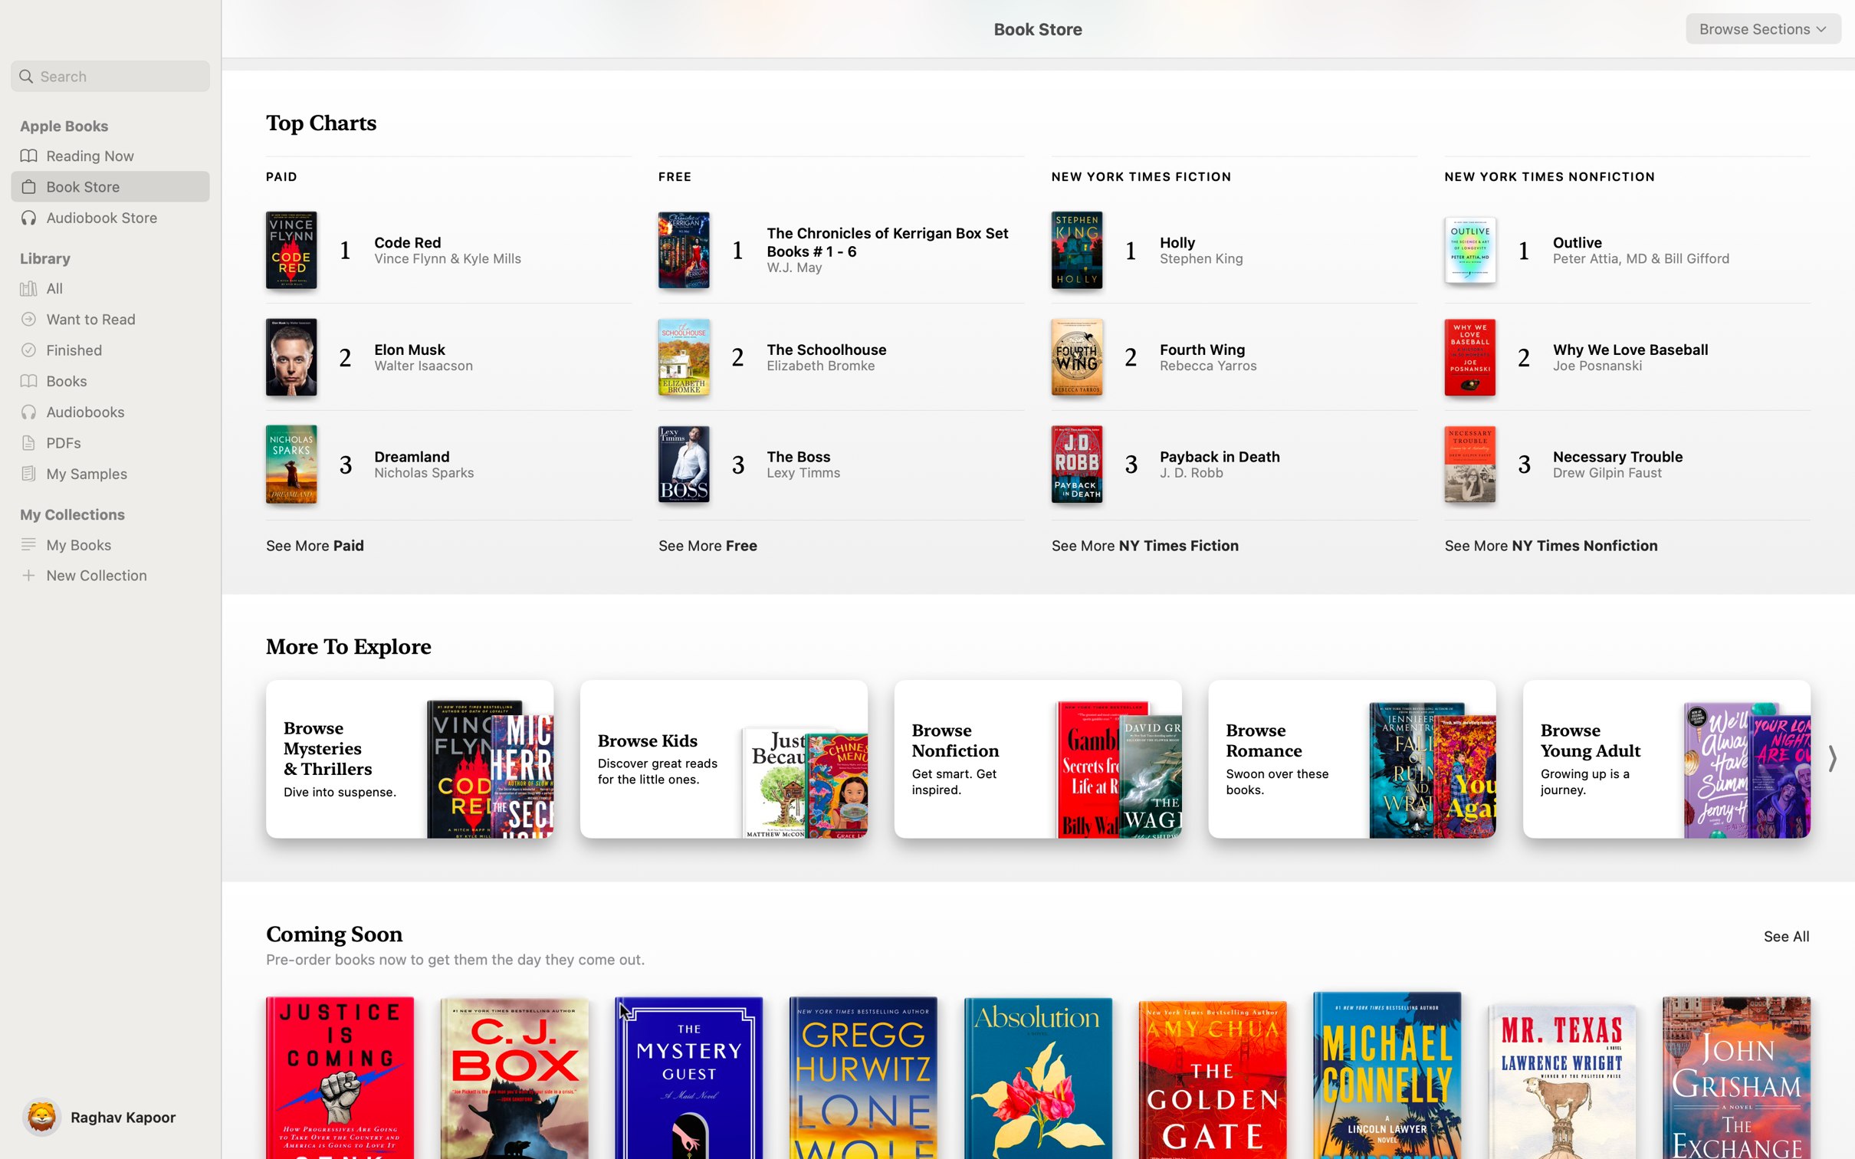 Image resolution: width=1855 pixels, height=1159 pixels. Describe the element at coordinates (3490182, 1293444) in the screenshot. I see `see which titles are finished` at that location.